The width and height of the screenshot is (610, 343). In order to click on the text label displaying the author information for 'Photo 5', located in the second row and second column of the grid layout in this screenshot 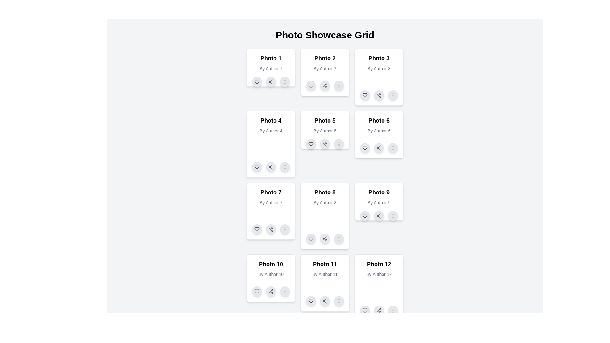, I will do `click(325, 131)`.